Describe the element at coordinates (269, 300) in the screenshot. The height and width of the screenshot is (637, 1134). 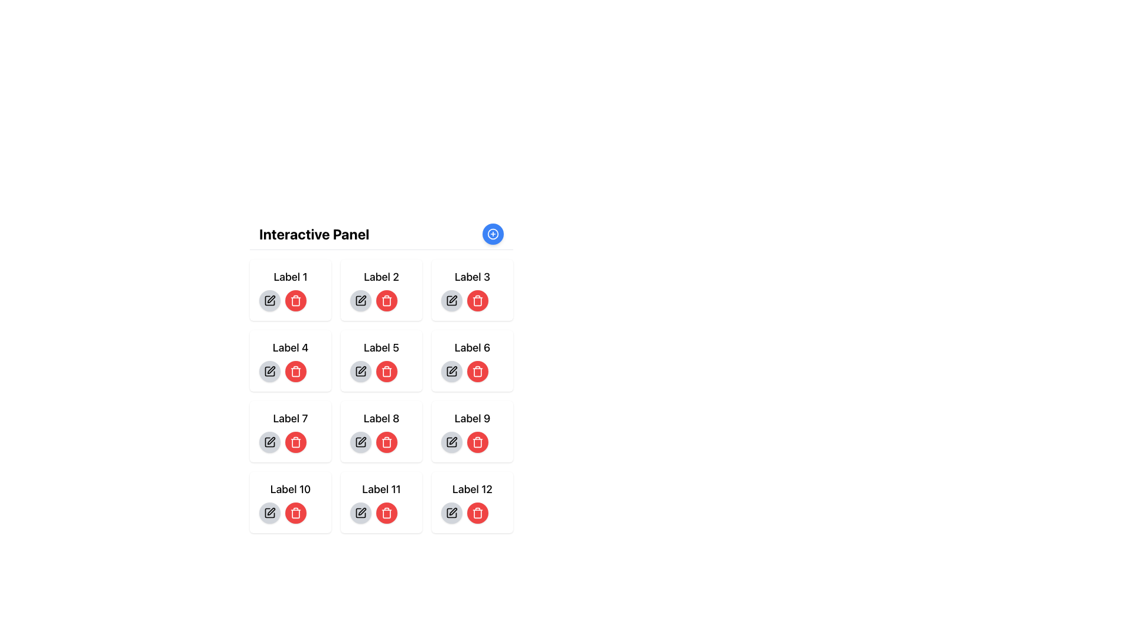
I see `the circular button featuring a black outlined square with a pen icon, located in the top-left corner of the grid under 'Label 1'` at that location.